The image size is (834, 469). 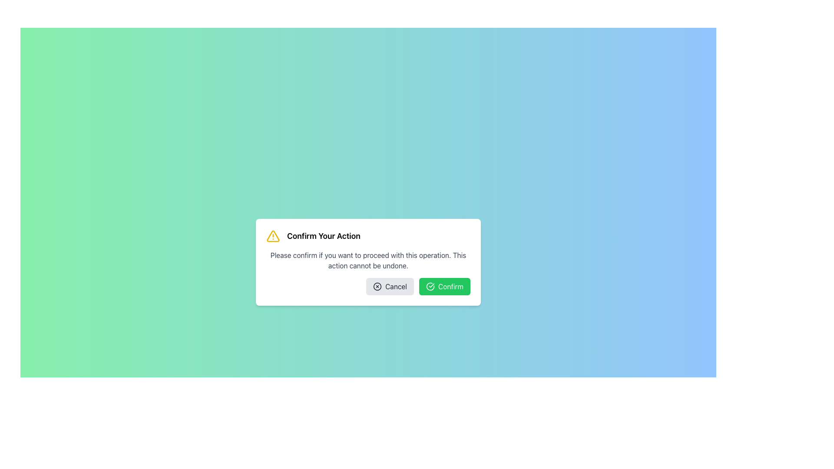 What do you see at coordinates (430, 286) in the screenshot?
I see `the 'Confirm' button, which includes an icon that visually reinforces the action of confirming. The button is located at the lower-right corner of a modal dialog box, with the icon on the left side of the text 'Confirm'` at bounding box center [430, 286].